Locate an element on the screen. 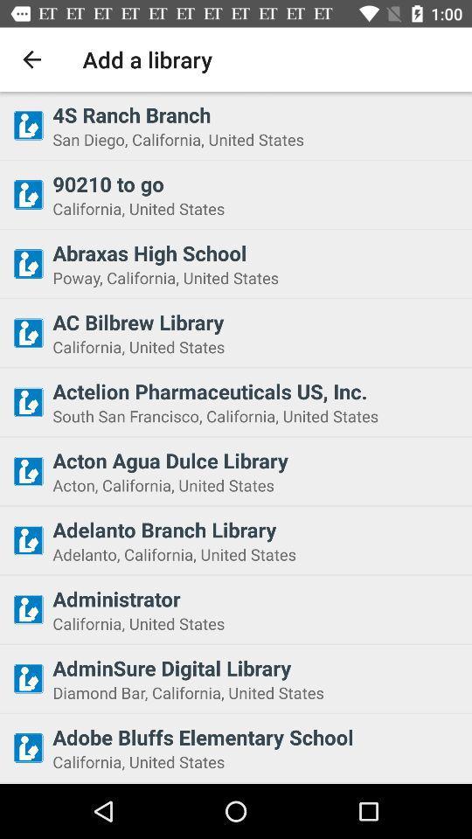 The image size is (472, 839). the item above the poway california united icon is located at coordinates (256, 252).